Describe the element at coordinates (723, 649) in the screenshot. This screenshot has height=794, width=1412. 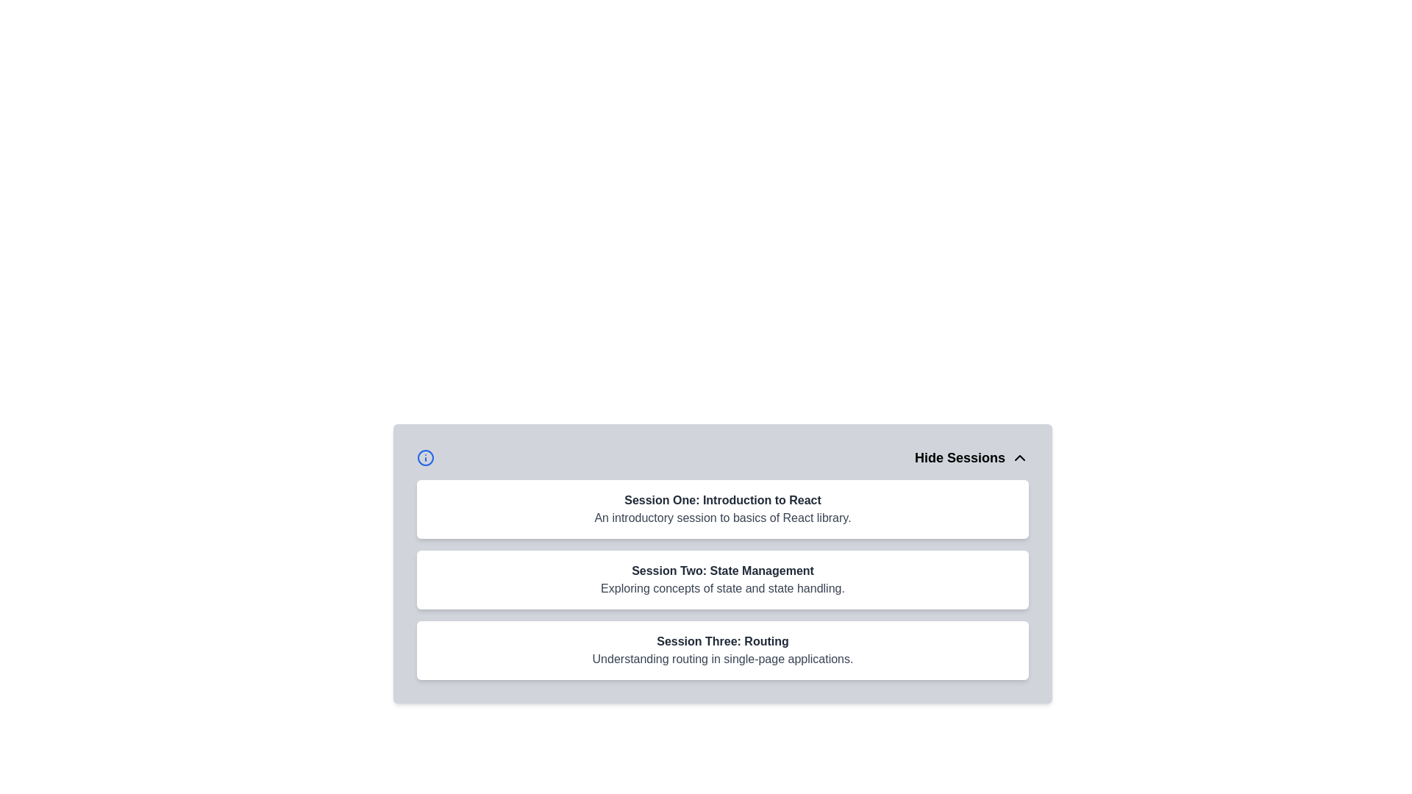
I see `the Informative card titled 'Session Three: Routing' with a white background and rounded corners, located beneath the previous cards in the vertical list` at that location.